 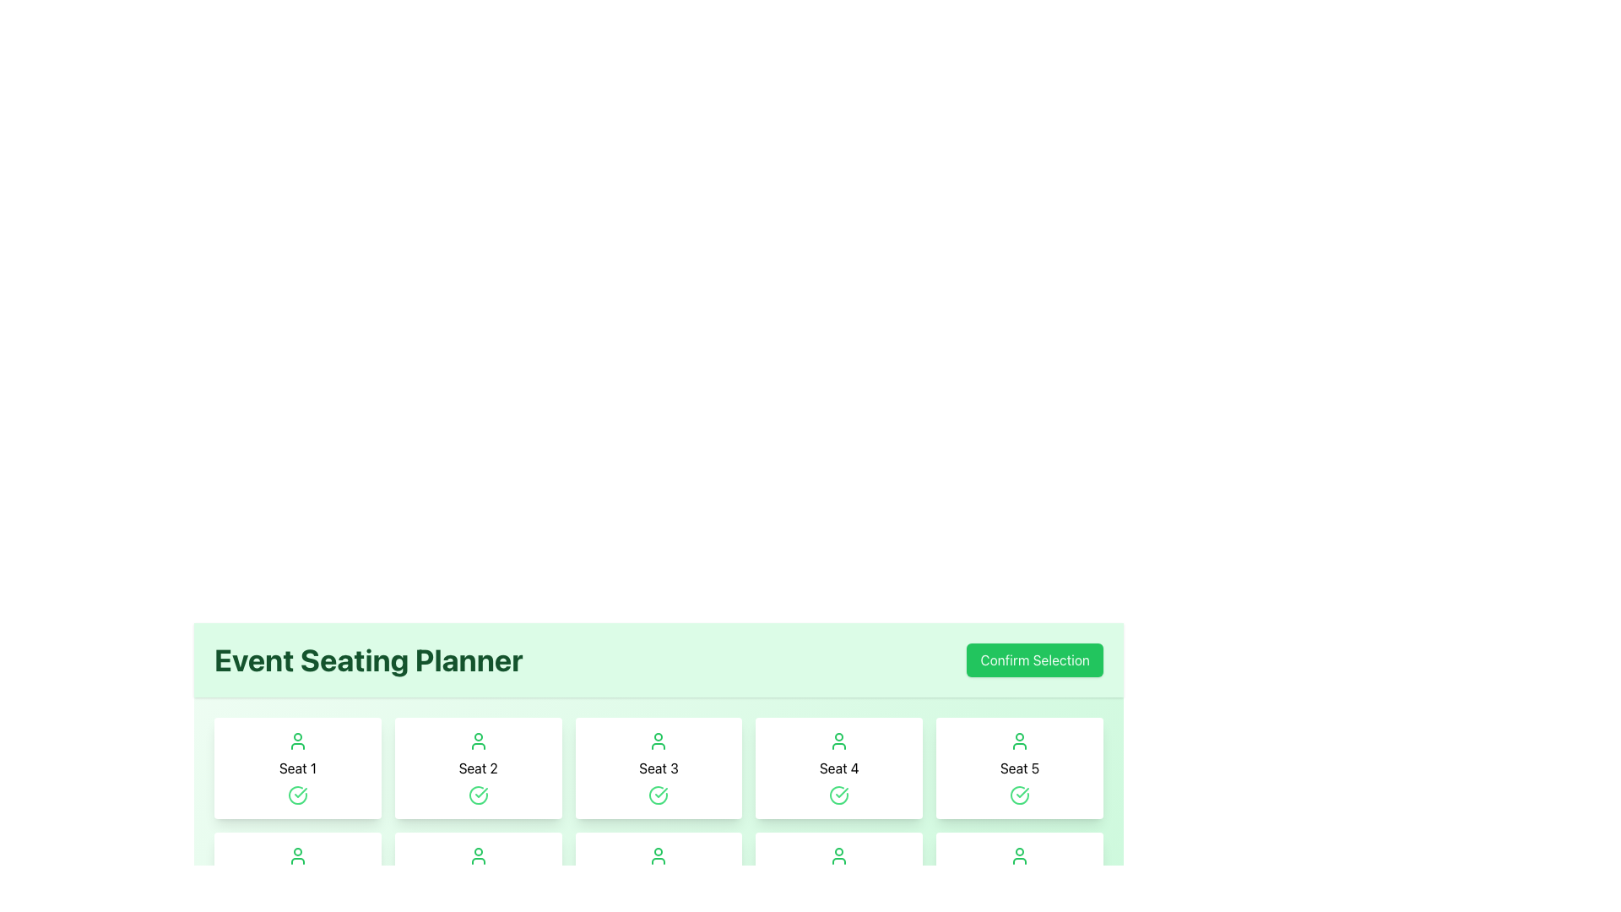 I want to click on the decorative icon representing Seat 2, which is located in the top center part of the box labeled 'Seat 2', positioned above the green check mark and below the header text, so click(x=477, y=741).